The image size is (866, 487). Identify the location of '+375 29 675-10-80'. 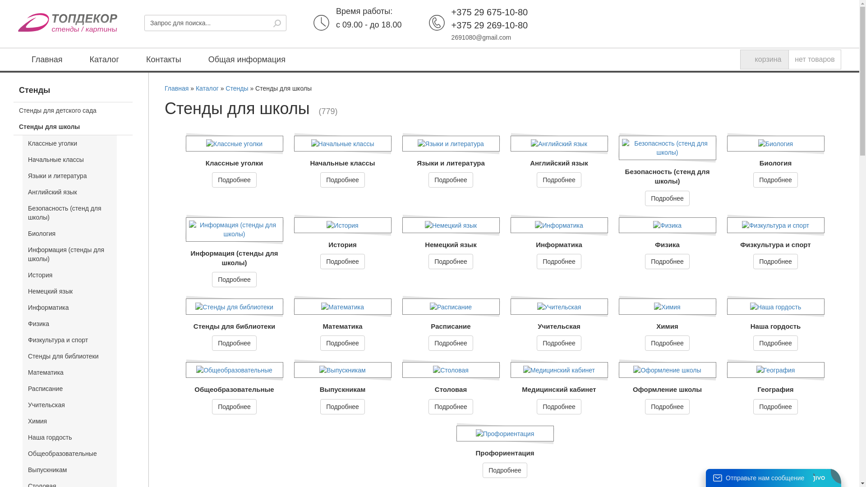
(489, 12).